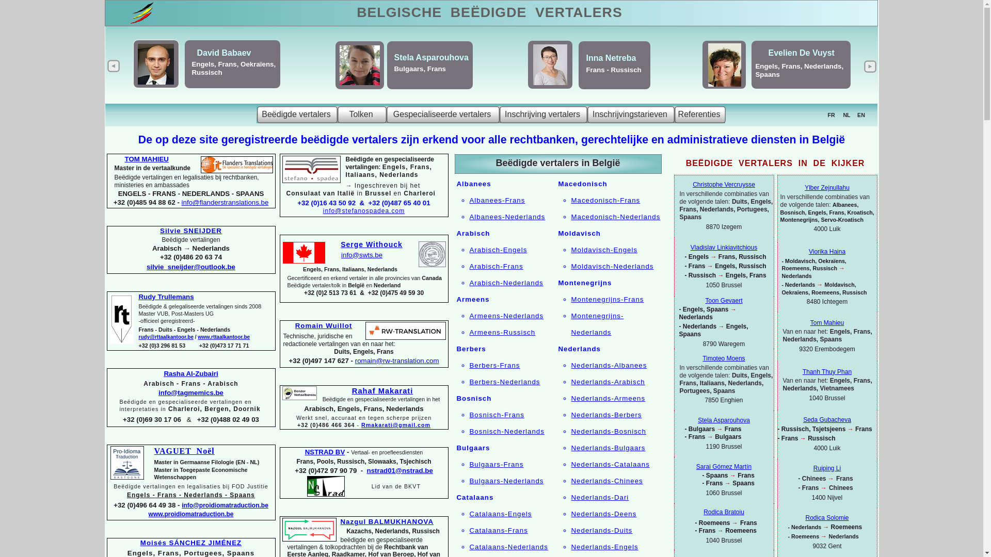 Image resolution: width=991 pixels, height=557 pixels. Describe the element at coordinates (723, 512) in the screenshot. I see `'Rodica Bratoiu'` at that location.